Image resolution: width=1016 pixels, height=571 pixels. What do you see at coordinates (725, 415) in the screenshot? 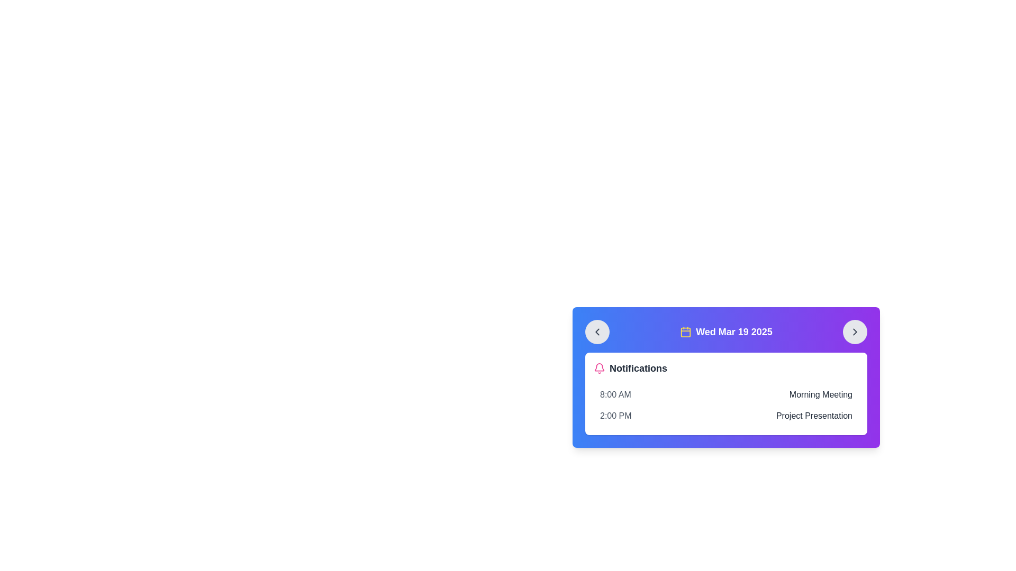
I see `the List item displaying '2:00 PM' and 'Project Presentation', which is the second entry in the event list` at bounding box center [725, 415].